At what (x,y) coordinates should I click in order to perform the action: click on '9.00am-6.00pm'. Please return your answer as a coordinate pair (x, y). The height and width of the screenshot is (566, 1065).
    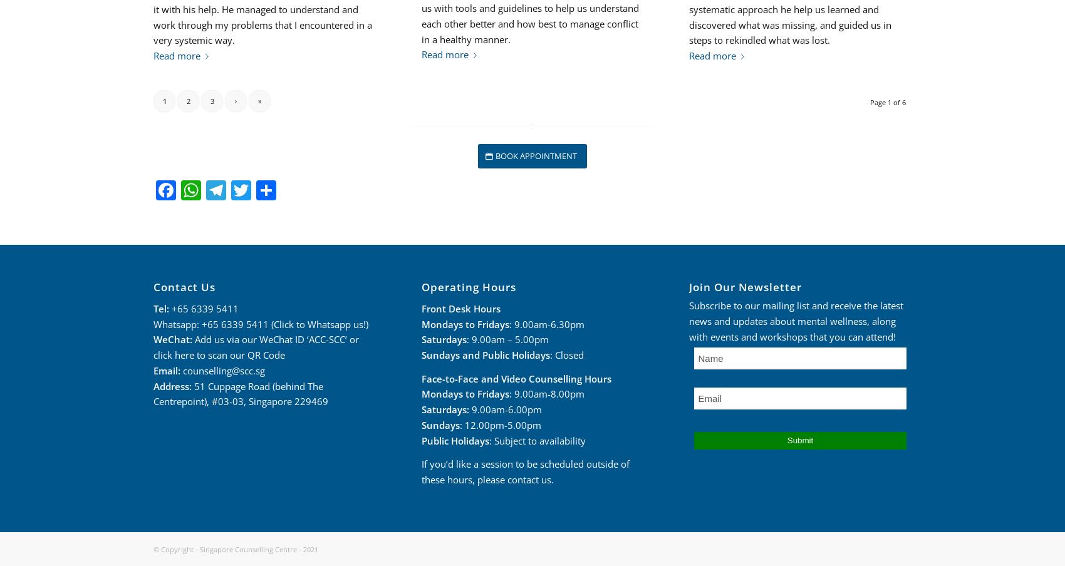
    Looking at the image, I should click on (504, 409).